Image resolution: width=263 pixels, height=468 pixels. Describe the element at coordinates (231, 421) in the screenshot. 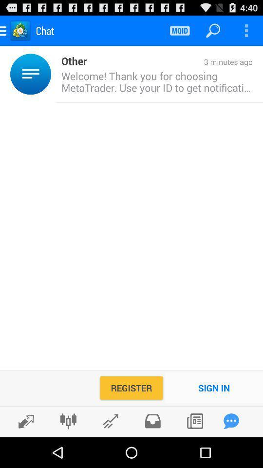

I see `to start a chat` at that location.